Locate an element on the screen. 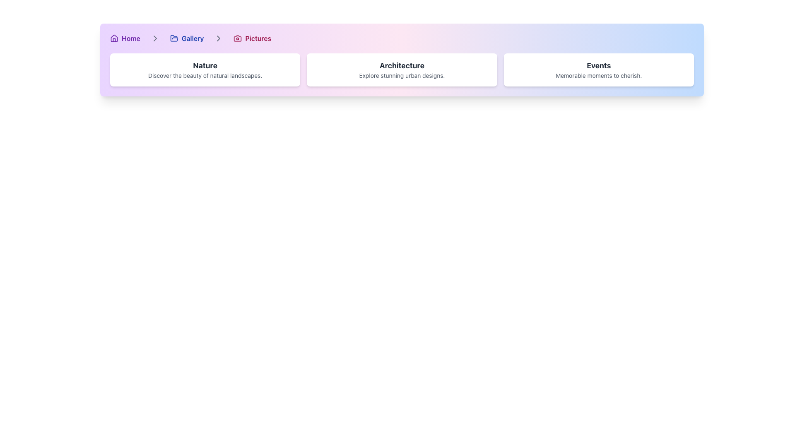 The image size is (795, 447). static text label displaying 'Memorable moments to cherish.' located within the 'Events' card, positioned below the 'Events' header is located at coordinates (599, 75).